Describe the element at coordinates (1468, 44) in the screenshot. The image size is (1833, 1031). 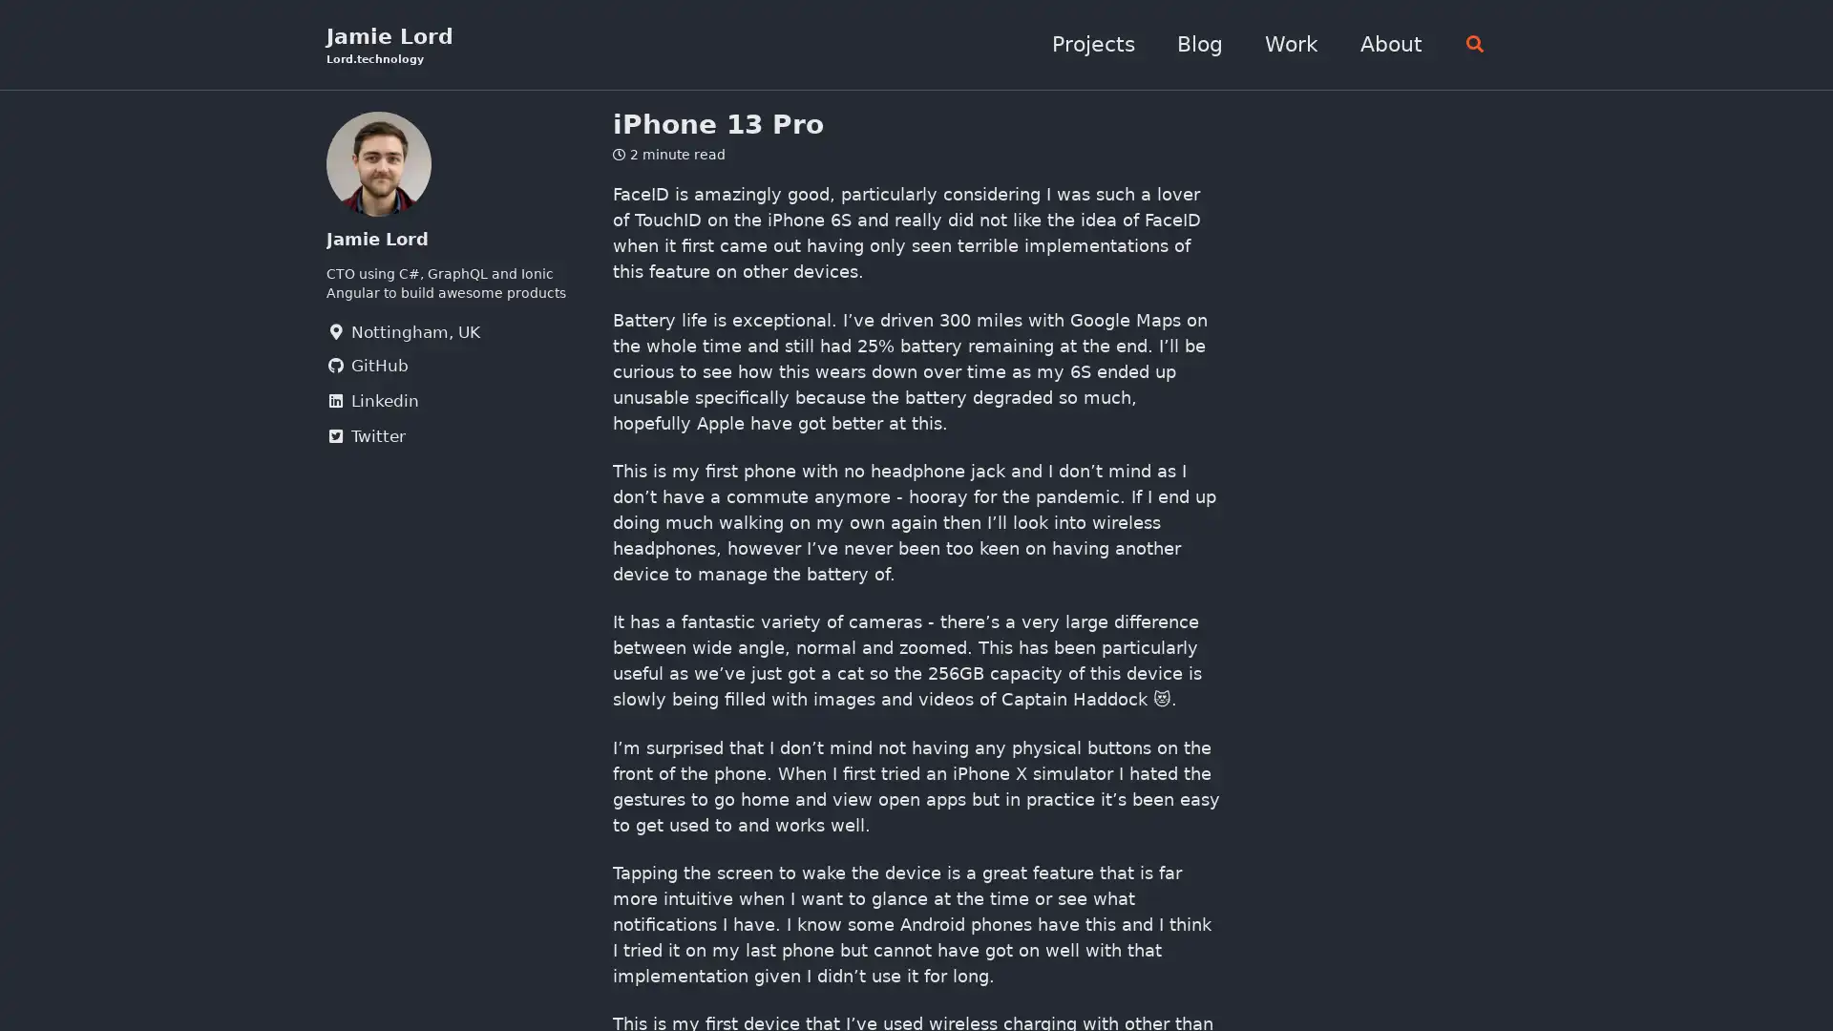
I see `Toggle search` at that location.